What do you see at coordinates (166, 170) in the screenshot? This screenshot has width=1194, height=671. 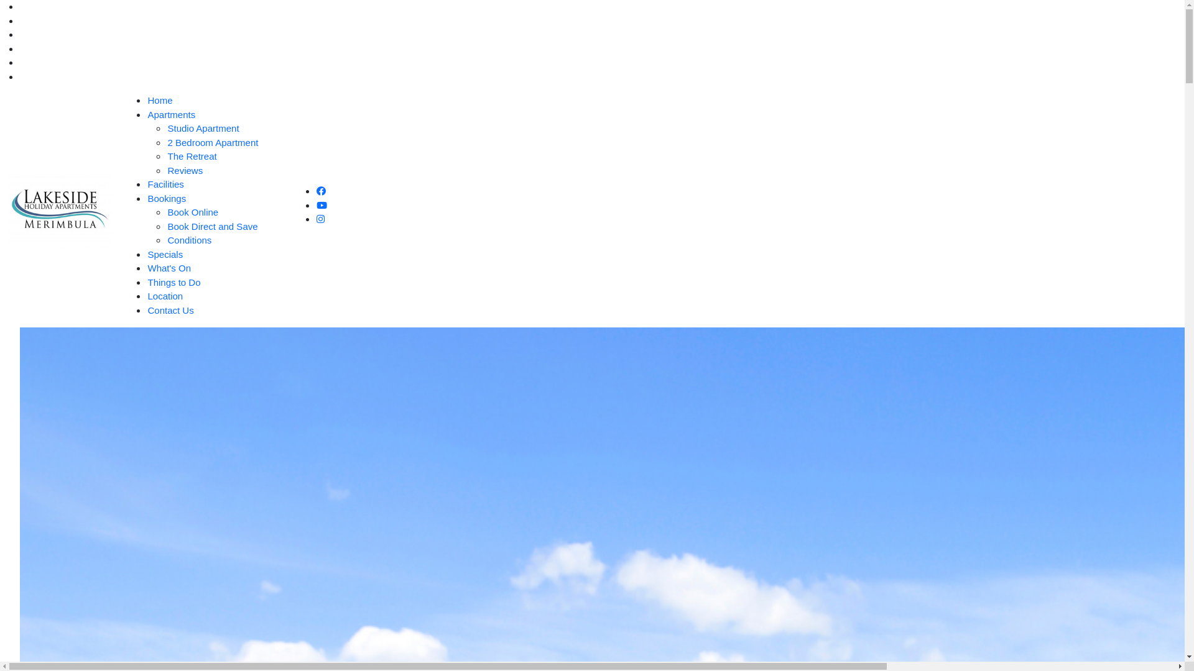 I see `'Reviews'` at bounding box center [166, 170].